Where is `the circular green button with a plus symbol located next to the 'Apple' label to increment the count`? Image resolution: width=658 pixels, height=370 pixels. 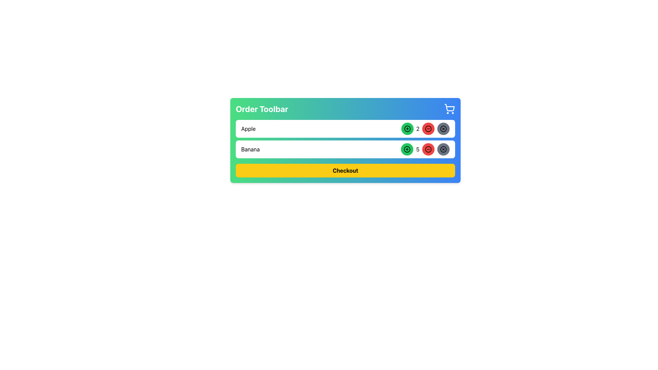 the circular green button with a plus symbol located next to the 'Apple' label to increment the count is located at coordinates (407, 128).